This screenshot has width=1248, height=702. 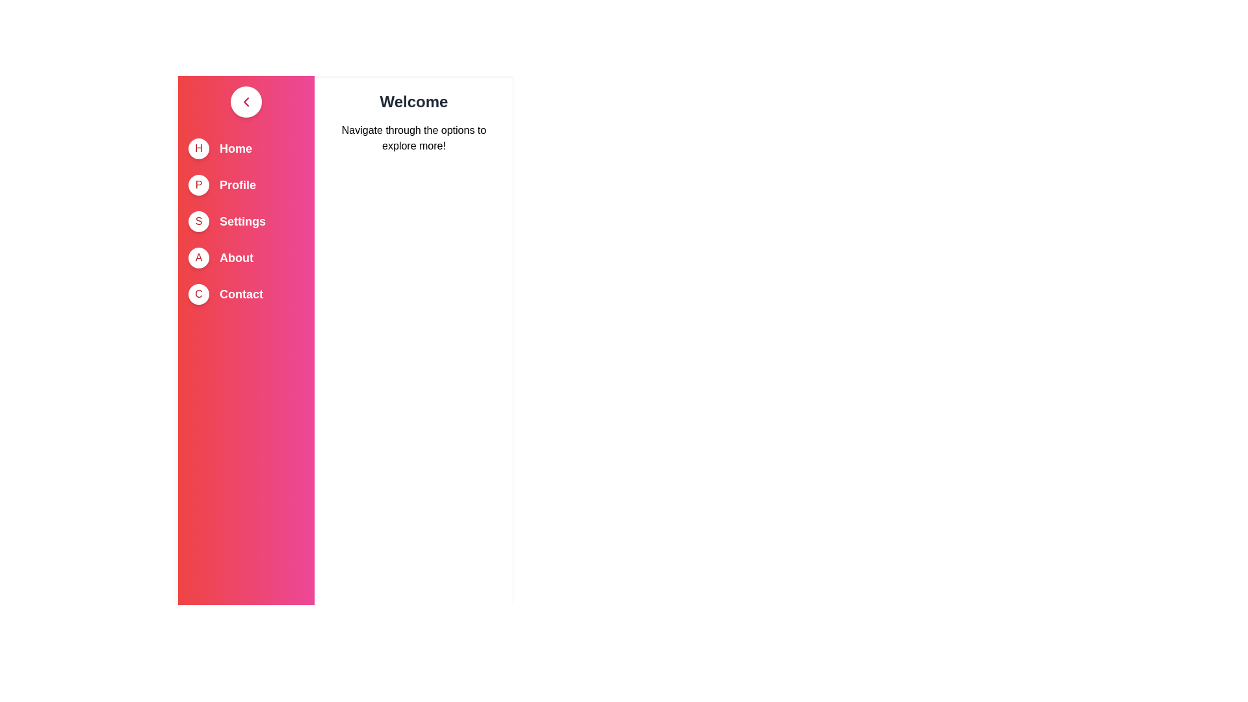 What do you see at coordinates (198, 294) in the screenshot?
I see `the circle icon corresponding to Contact` at bounding box center [198, 294].